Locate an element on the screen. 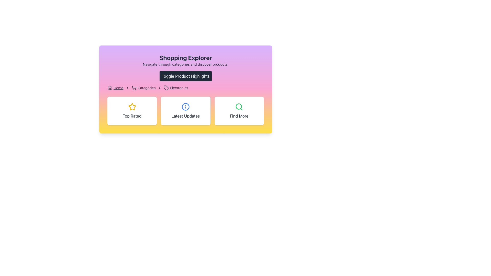 The height and width of the screenshot is (276, 491). the 'Top Rated' label text, which is centrally aligned below a yellow-bordered star icon in the leftmost card of the 'Shopping Explorer' section is located at coordinates (132, 116).